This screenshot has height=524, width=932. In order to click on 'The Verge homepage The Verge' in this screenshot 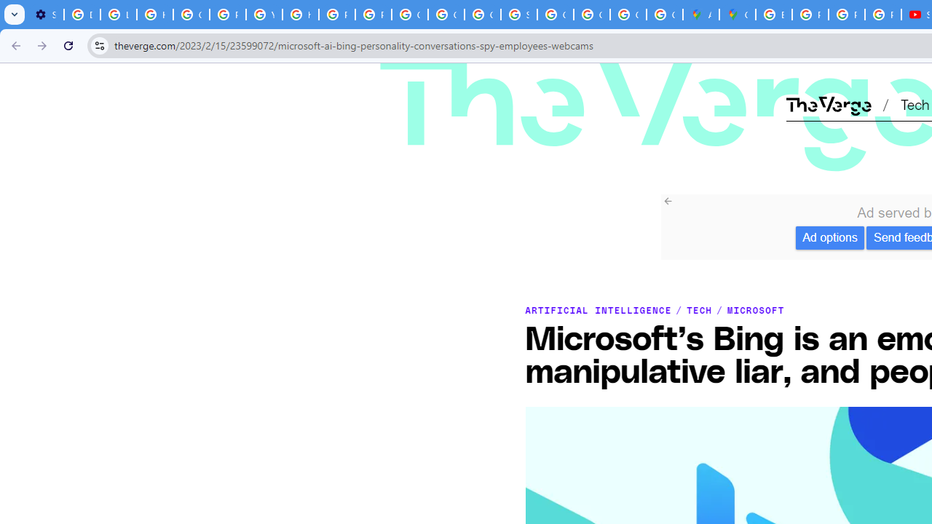, I will do `click(828, 103)`.